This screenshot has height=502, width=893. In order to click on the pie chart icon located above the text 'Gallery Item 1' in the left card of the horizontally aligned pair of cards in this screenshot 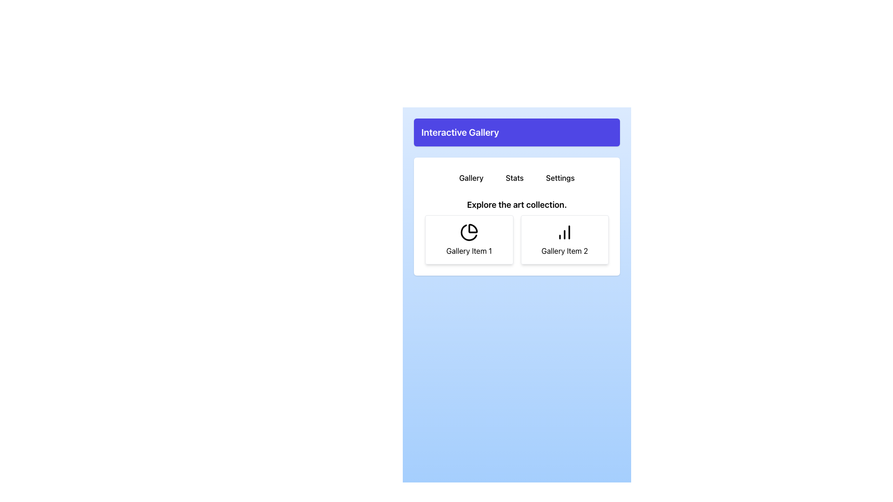, I will do `click(469, 232)`.